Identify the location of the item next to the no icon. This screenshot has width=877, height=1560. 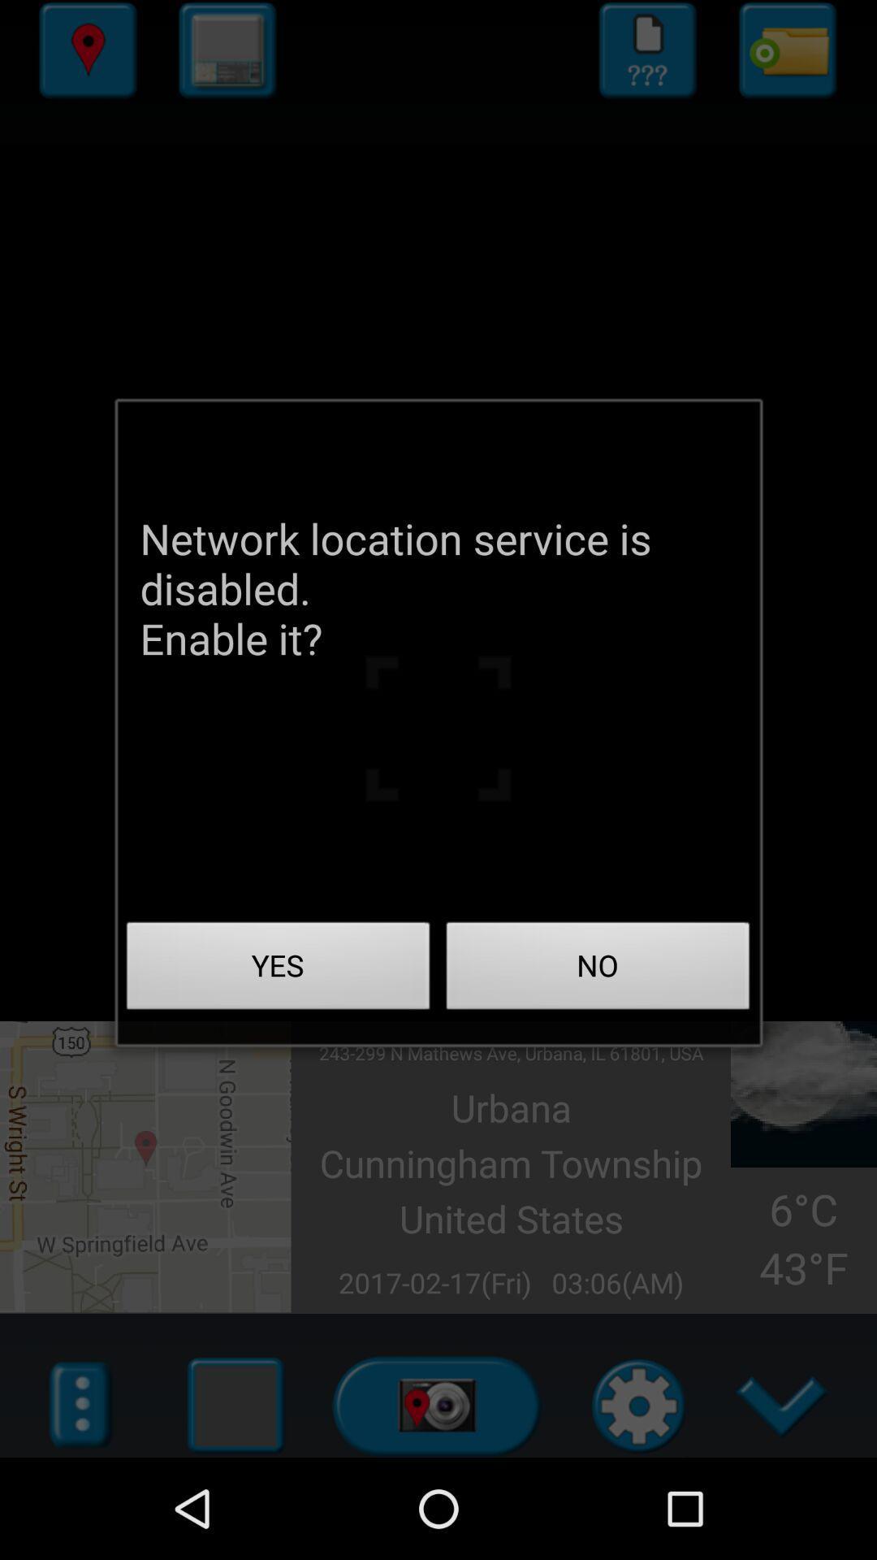
(278, 970).